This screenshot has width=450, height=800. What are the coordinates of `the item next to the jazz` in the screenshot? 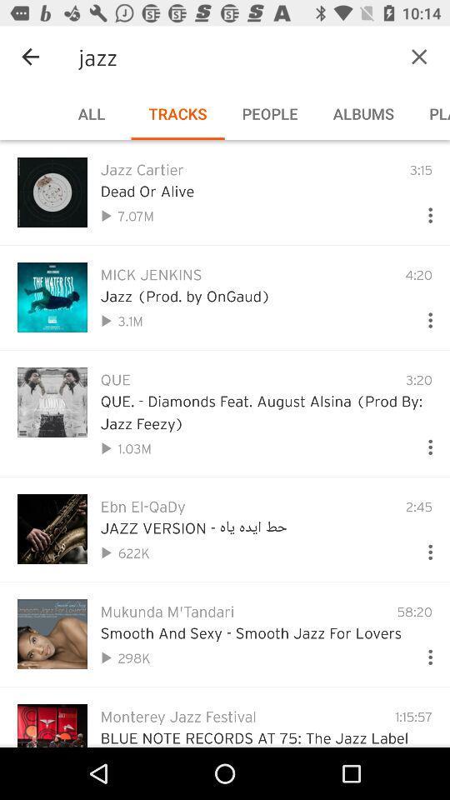 It's located at (418, 57).